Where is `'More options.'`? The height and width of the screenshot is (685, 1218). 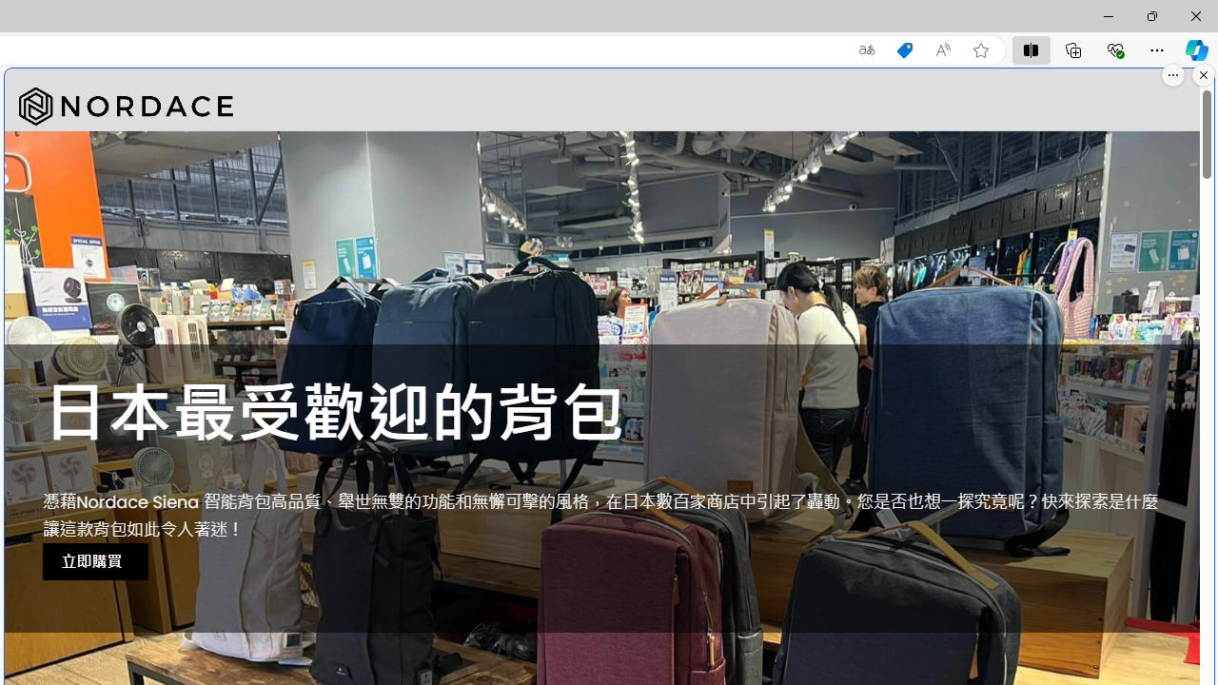
'More options.' is located at coordinates (1172, 74).